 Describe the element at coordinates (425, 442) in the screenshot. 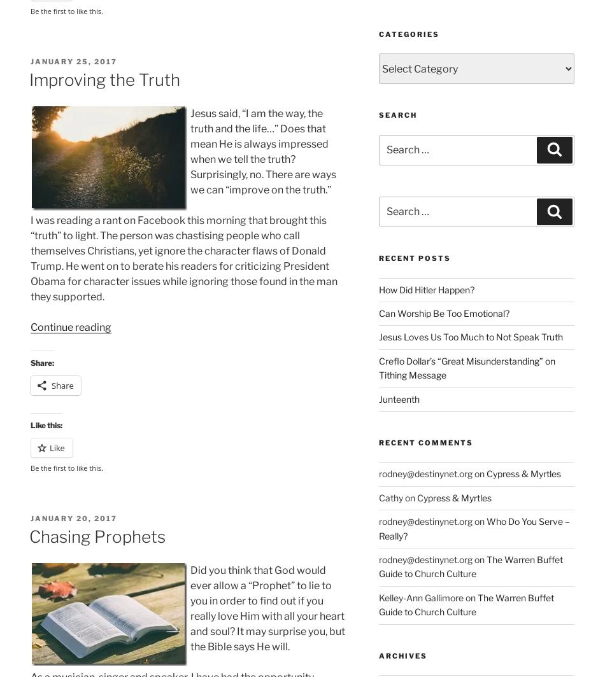

I see `'Recent Comments'` at that location.